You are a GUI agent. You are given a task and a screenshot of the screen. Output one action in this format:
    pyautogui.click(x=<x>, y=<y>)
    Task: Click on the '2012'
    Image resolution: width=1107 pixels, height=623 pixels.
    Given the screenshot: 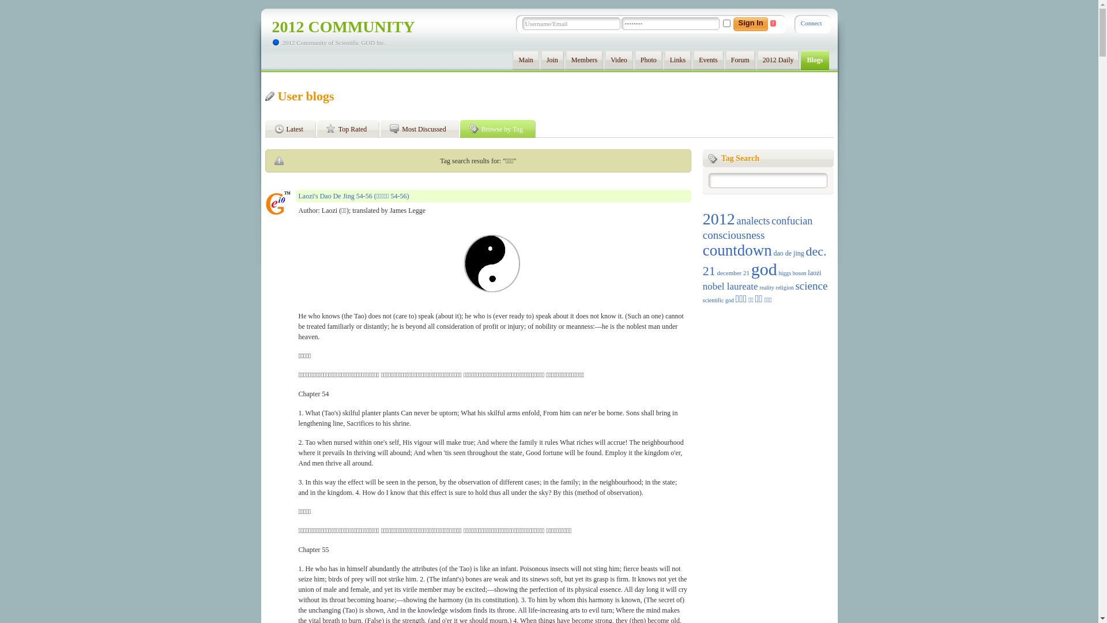 What is the action you would take?
    pyautogui.click(x=718, y=219)
    